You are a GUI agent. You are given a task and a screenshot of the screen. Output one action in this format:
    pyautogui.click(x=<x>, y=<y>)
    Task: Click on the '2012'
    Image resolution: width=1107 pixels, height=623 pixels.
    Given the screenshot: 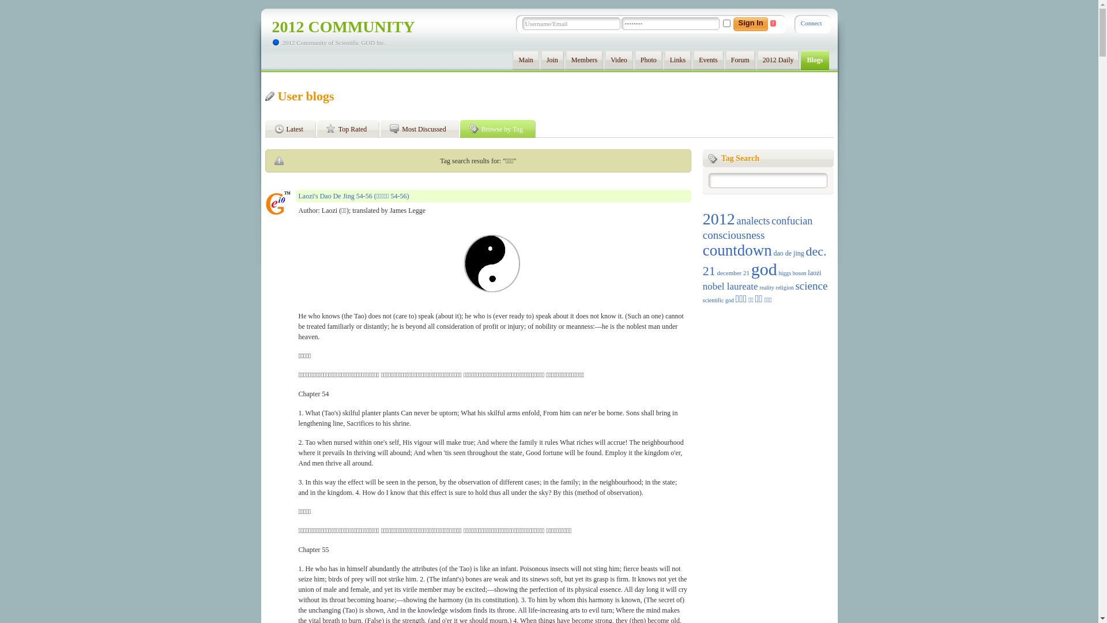 What is the action you would take?
    pyautogui.click(x=718, y=219)
    